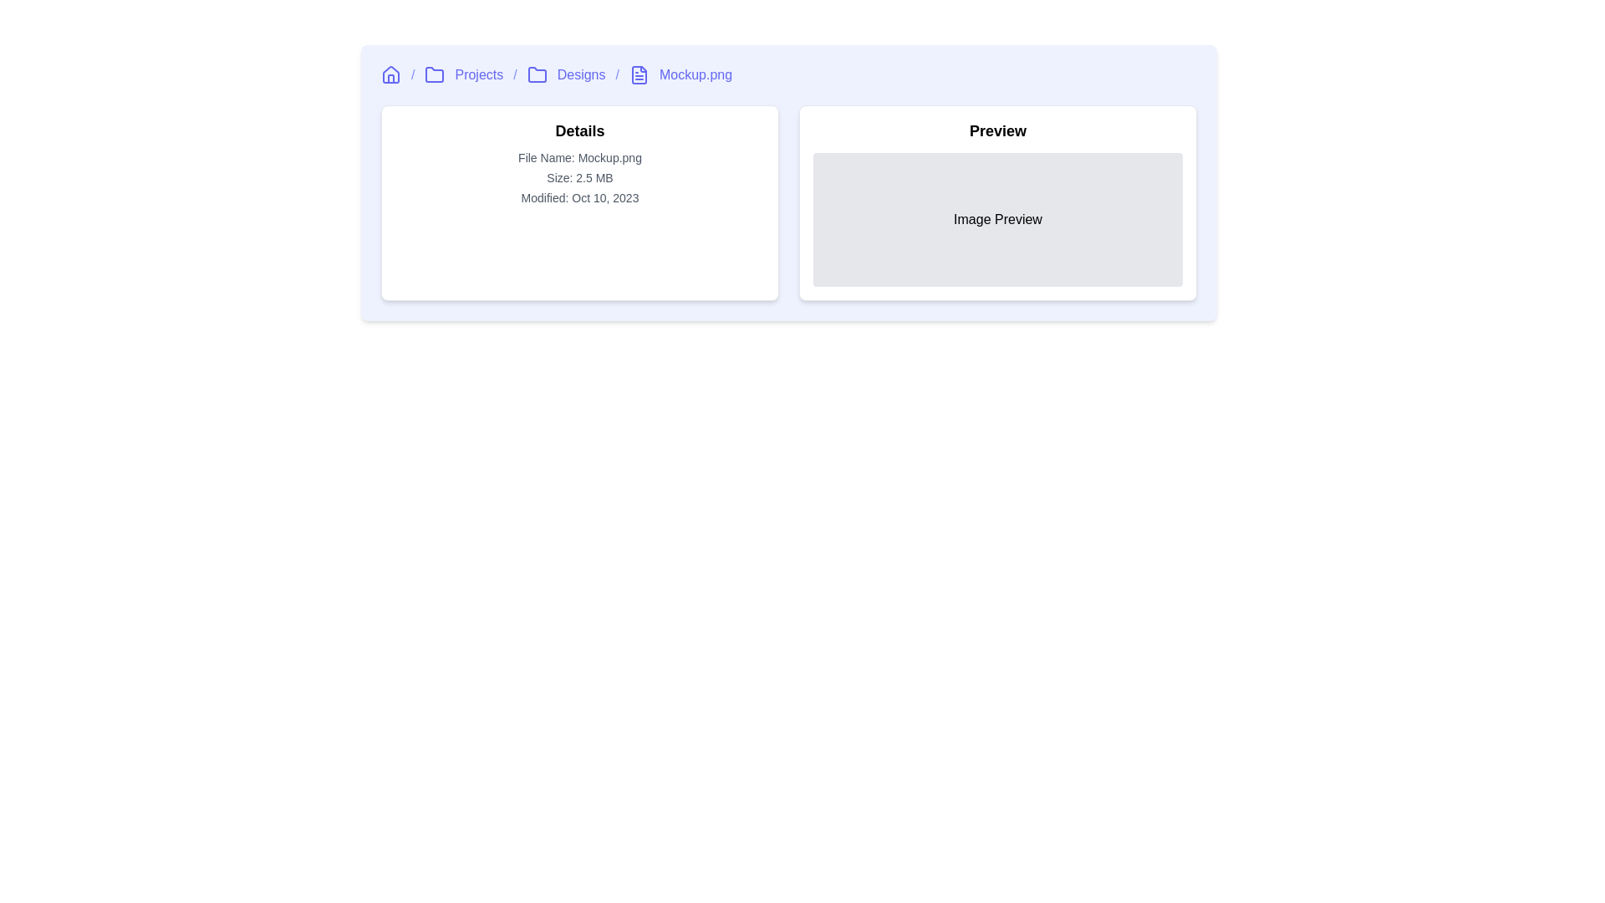 The image size is (1605, 903). I want to click on the blue folder icon in the breadcrumb navigation bar, which is the second element following the home icon and before the 'Projects' label, so click(435, 74).